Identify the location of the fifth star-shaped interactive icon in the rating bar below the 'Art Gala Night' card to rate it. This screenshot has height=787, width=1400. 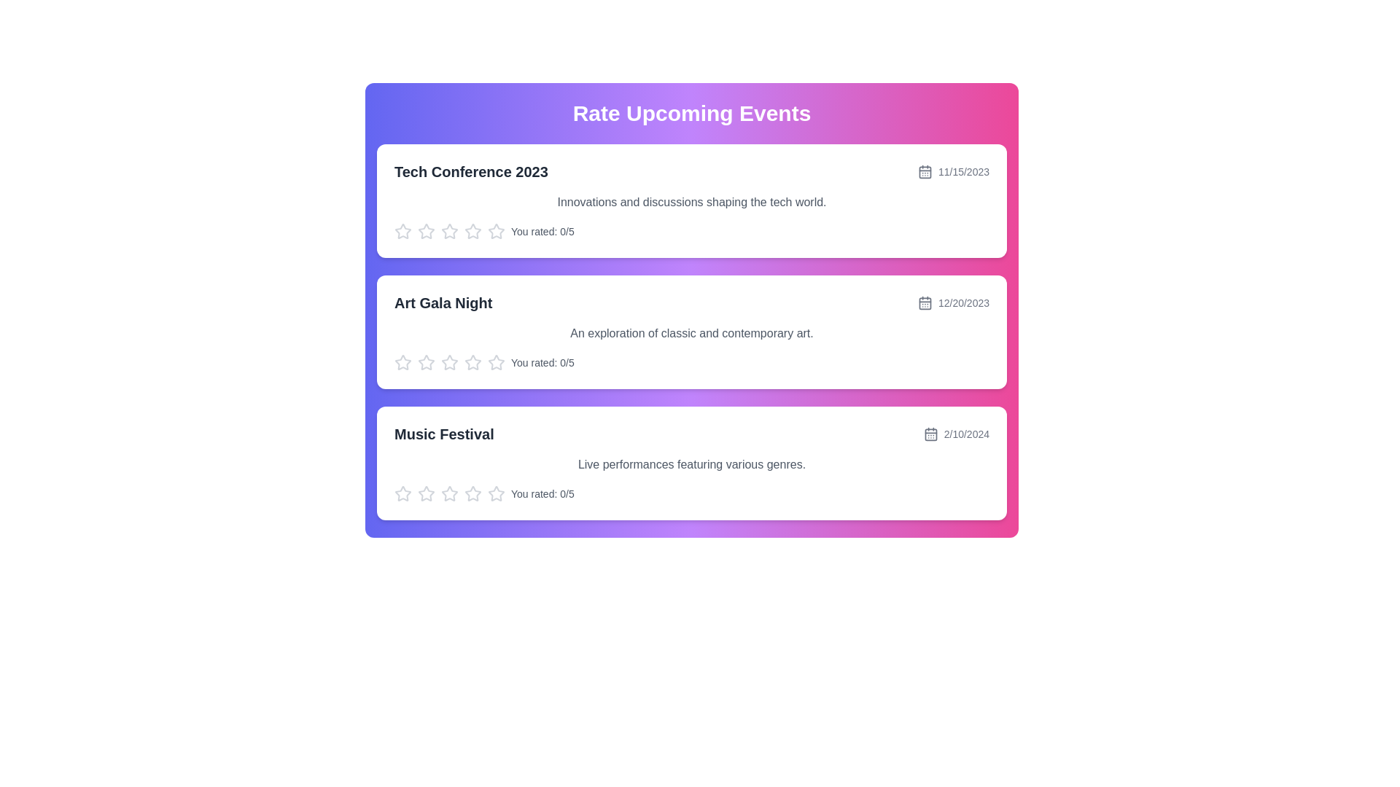
(497, 361).